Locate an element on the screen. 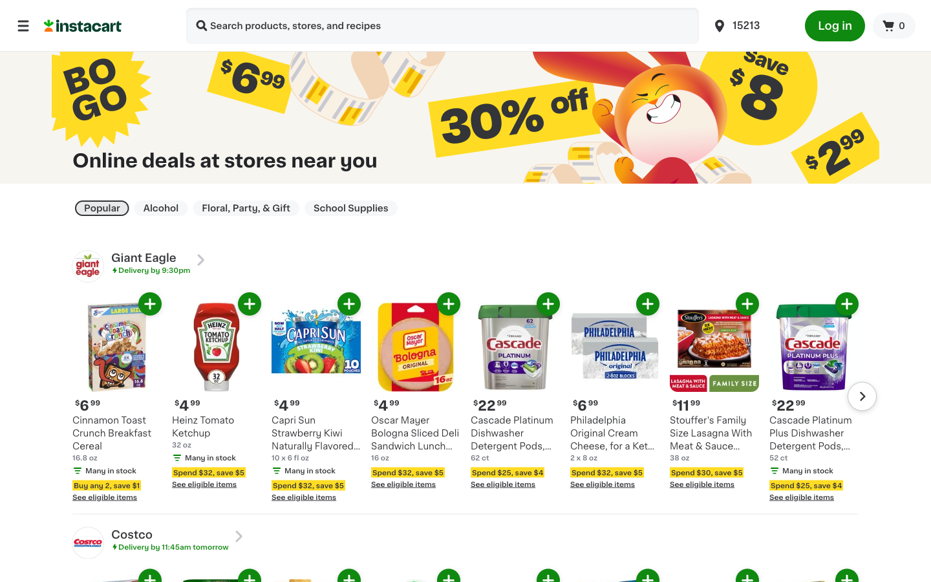 The height and width of the screenshot is (582, 931). the application"s start screen is located at coordinates (23, 25).